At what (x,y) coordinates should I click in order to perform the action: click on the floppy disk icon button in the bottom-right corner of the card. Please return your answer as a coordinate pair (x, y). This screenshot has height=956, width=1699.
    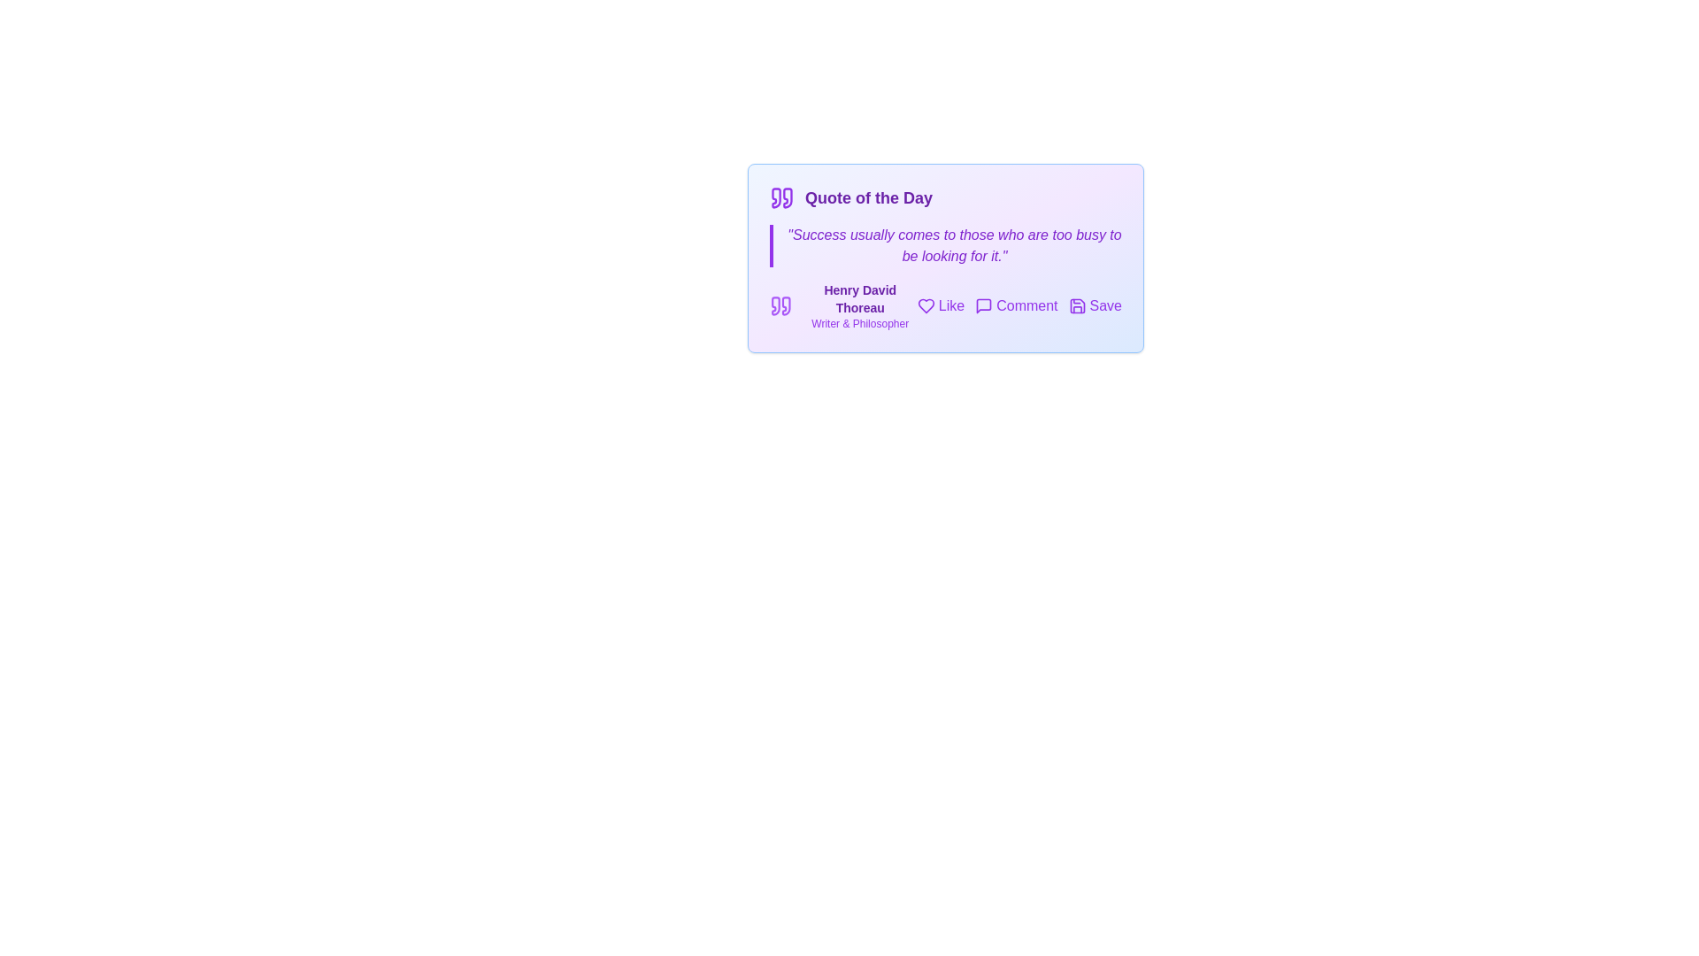
    Looking at the image, I should click on (1076, 305).